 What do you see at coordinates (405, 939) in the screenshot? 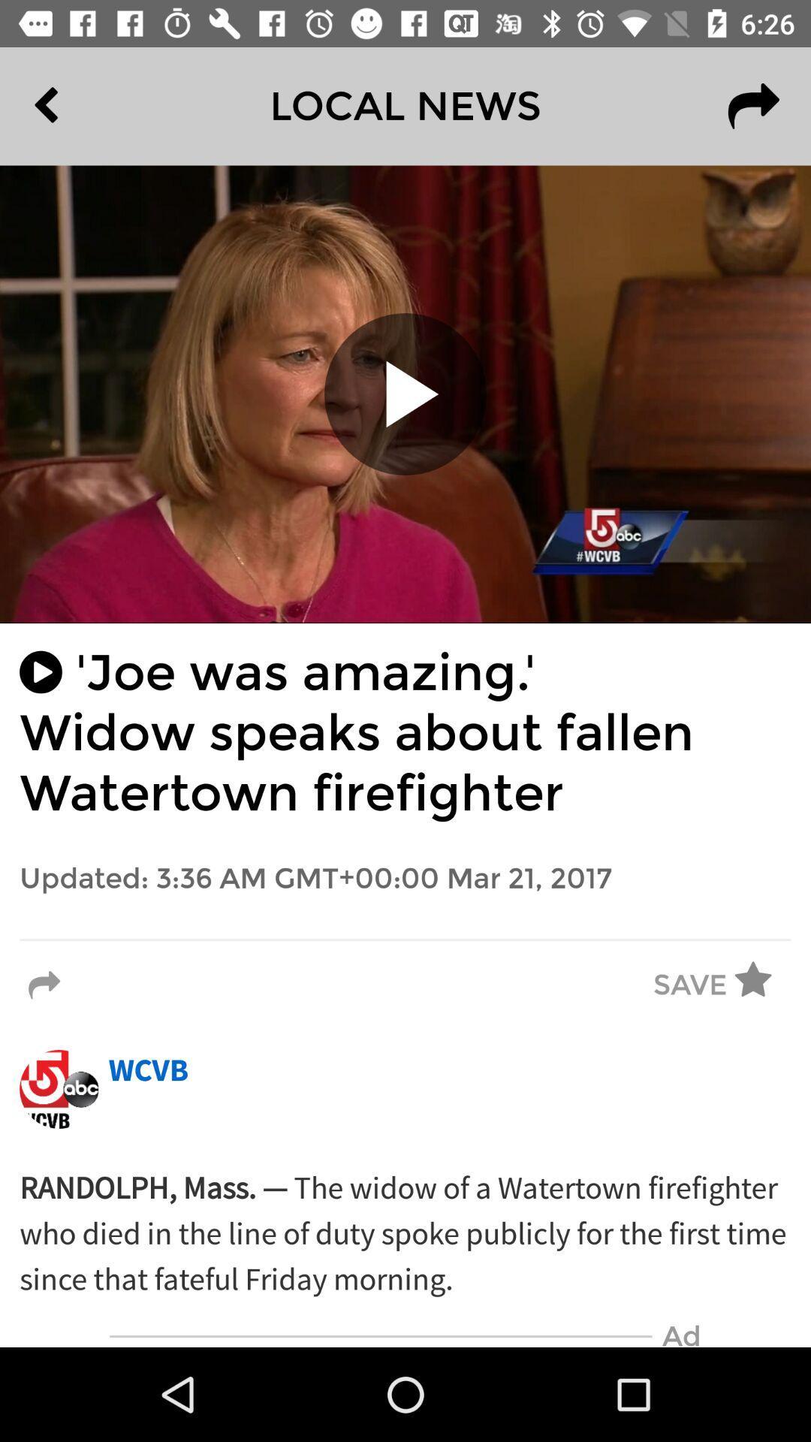
I see `the icon below updated 3 36 icon` at bounding box center [405, 939].